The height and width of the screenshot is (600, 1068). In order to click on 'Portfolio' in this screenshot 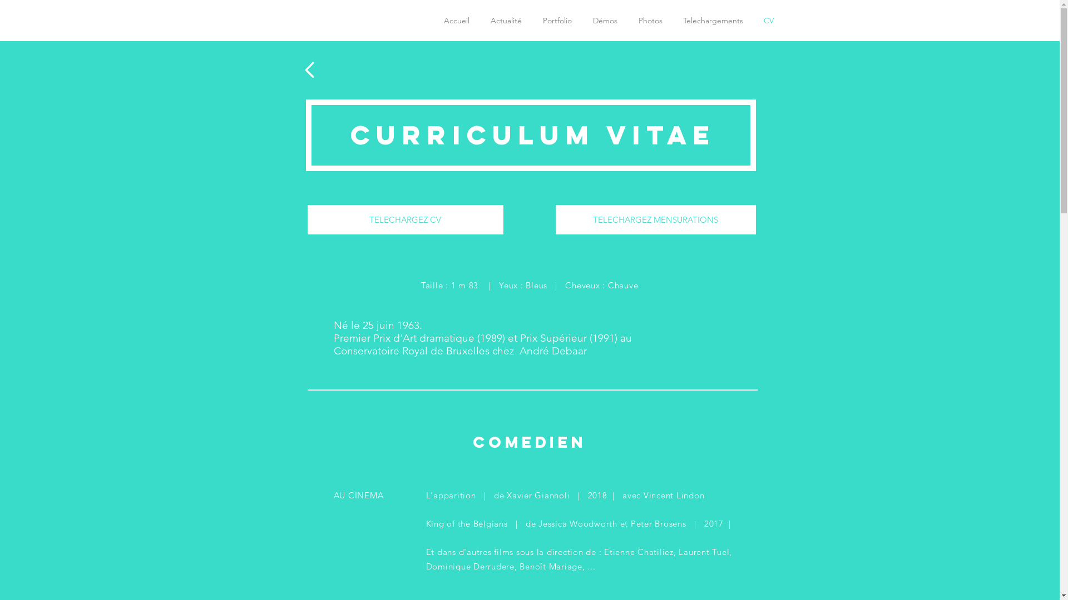, I will do `click(531, 21)`.